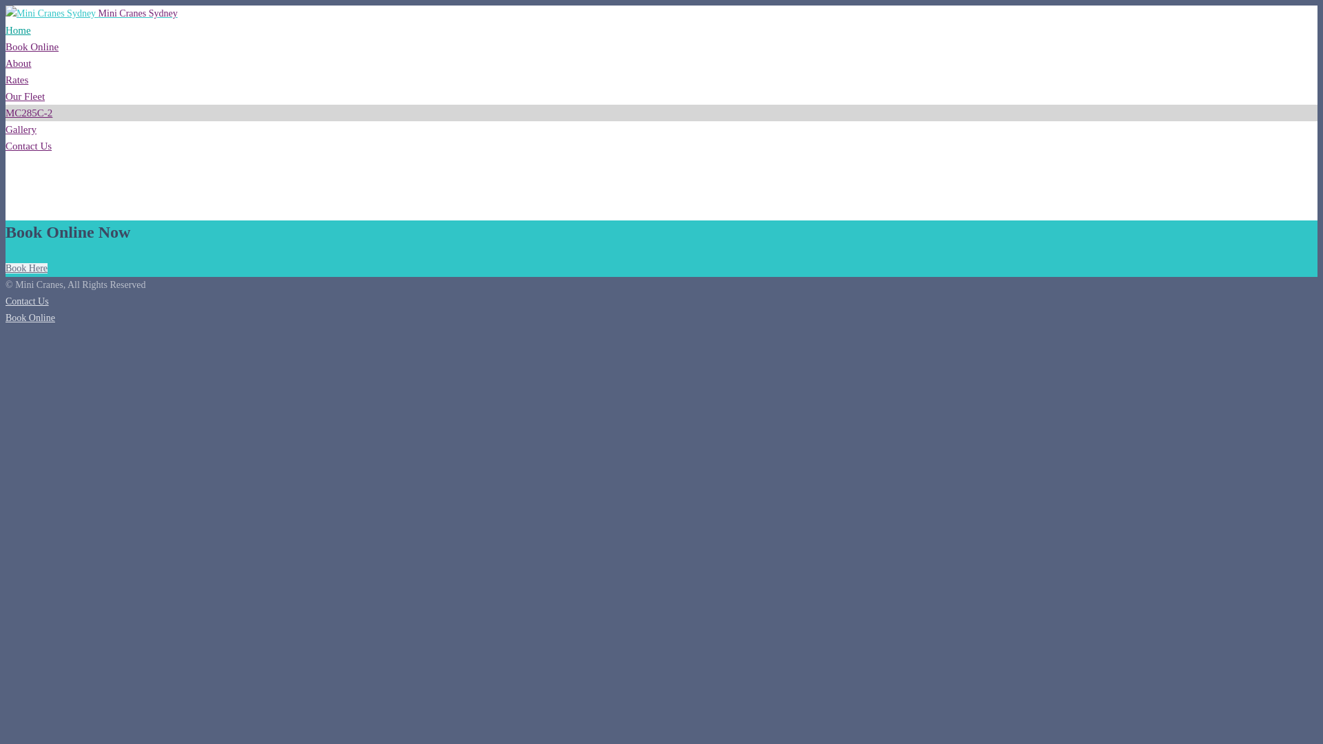 This screenshot has height=744, width=1323. I want to click on 'Gallery', so click(21, 130).